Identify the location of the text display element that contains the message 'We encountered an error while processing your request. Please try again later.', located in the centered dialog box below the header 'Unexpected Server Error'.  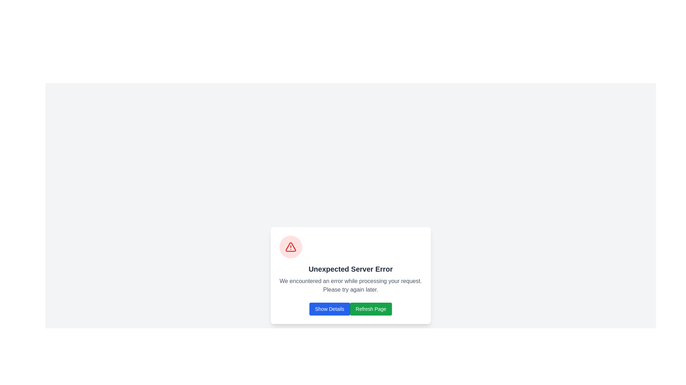
(351, 285).